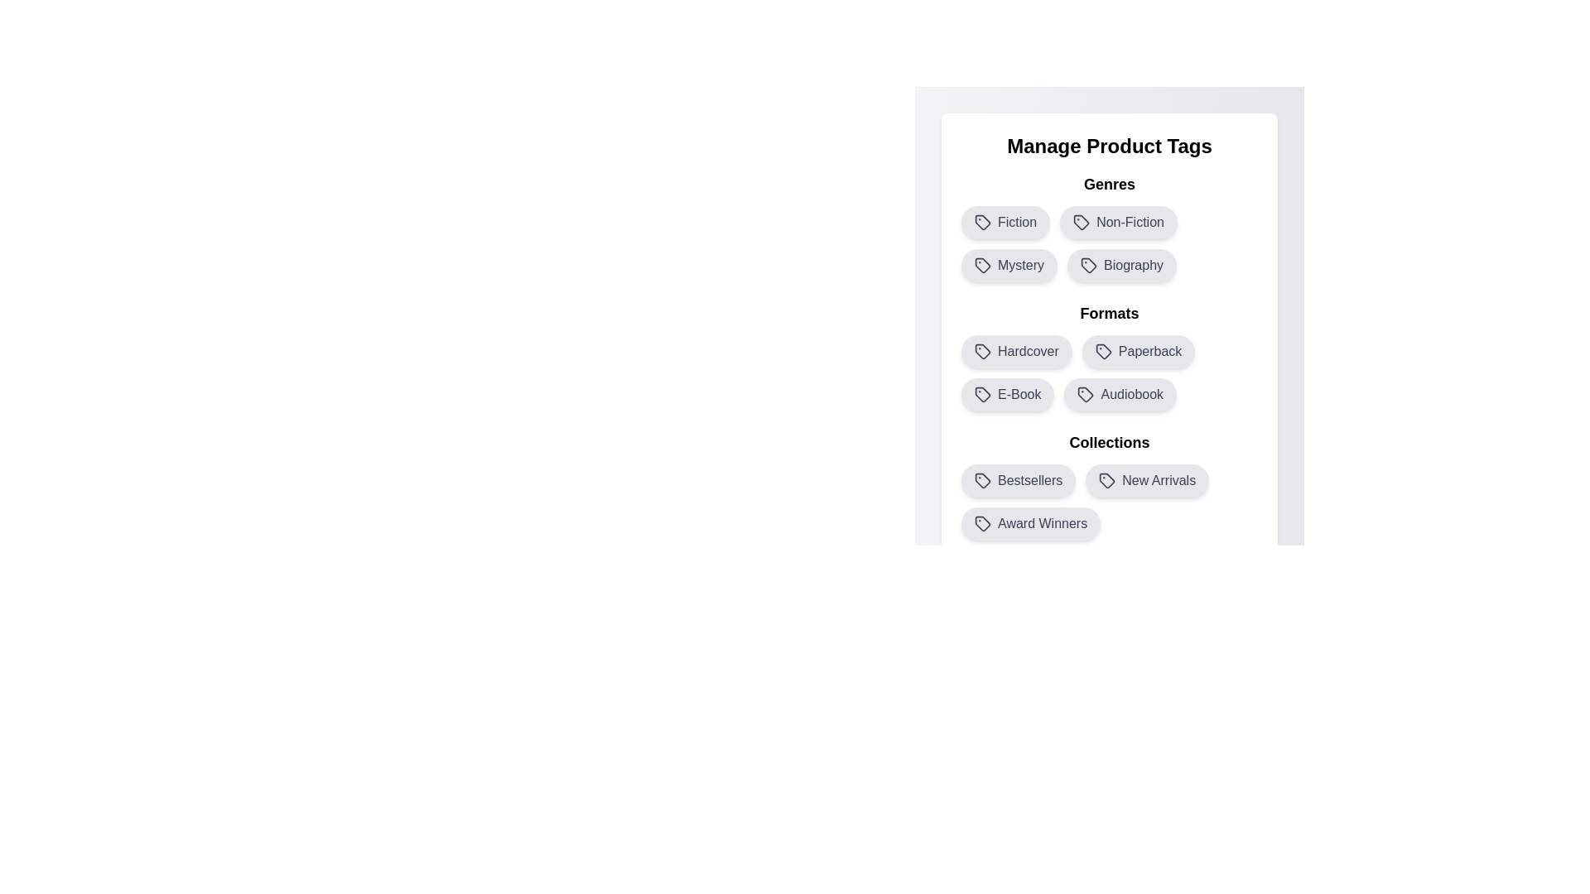  I want to click on the decorative icon located to the left of the text in the 'Biography' button, which is positioned in the second row under the 'Genres' section, so click(1089, 264).